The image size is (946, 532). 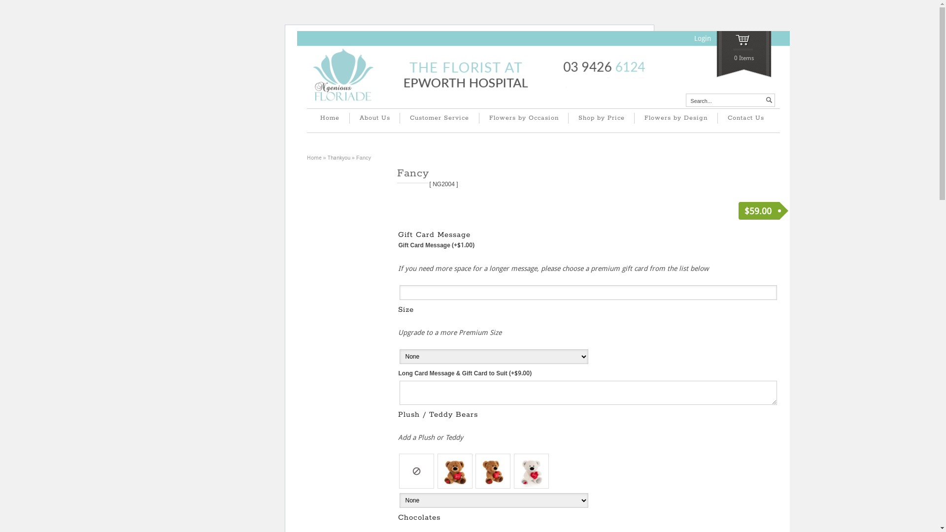 What do you see at coordinates (745, 117) in the screenshot?
I see `'Contact Us'` at bounding box center [745, 117].